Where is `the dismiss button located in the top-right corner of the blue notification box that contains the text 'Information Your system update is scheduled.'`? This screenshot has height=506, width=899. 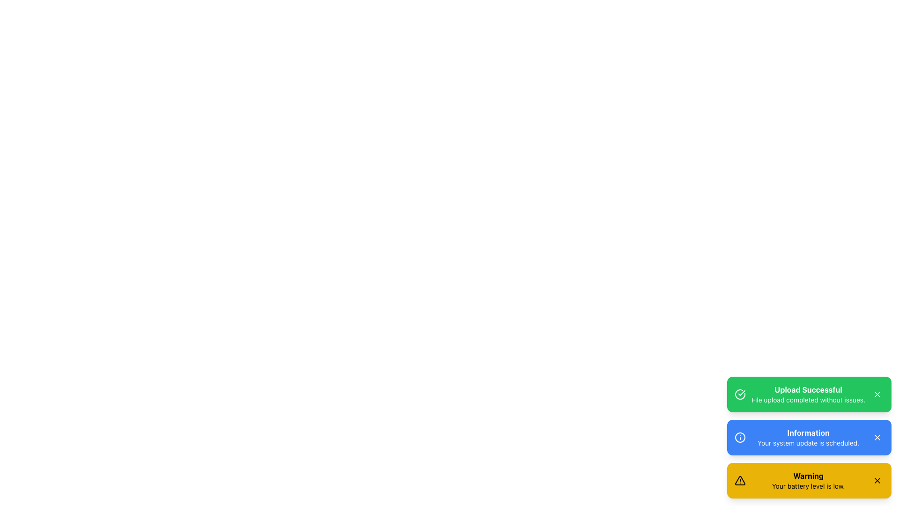
the dismiss button located in the top-right corner of the blue notification box that contains the text 'Information Your system update is scheduled.' is located at coordinates (877, 437).